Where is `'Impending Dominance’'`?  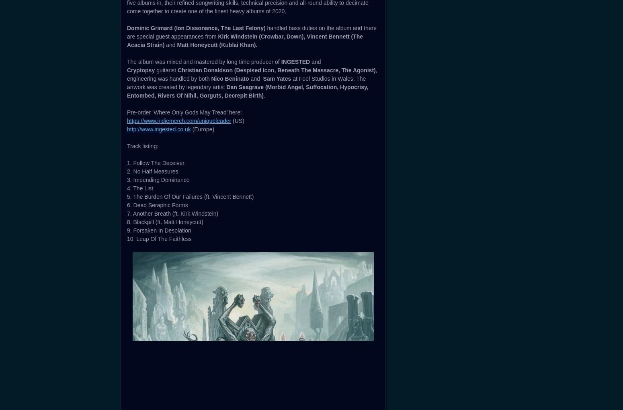 'Impending Dominance’' is located at coordinates (309, 160).